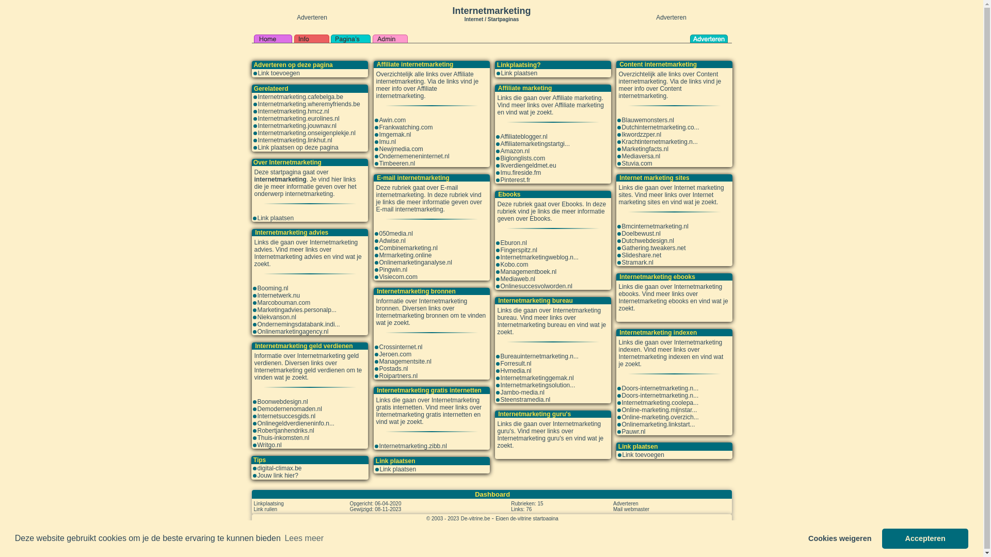 This screenshot has width=991, height=557. What do you see at coordinates (539, 355) in the screenshot?
I see `'Bureauinternetmarketing.n...'` at bounding box center [539, 355].